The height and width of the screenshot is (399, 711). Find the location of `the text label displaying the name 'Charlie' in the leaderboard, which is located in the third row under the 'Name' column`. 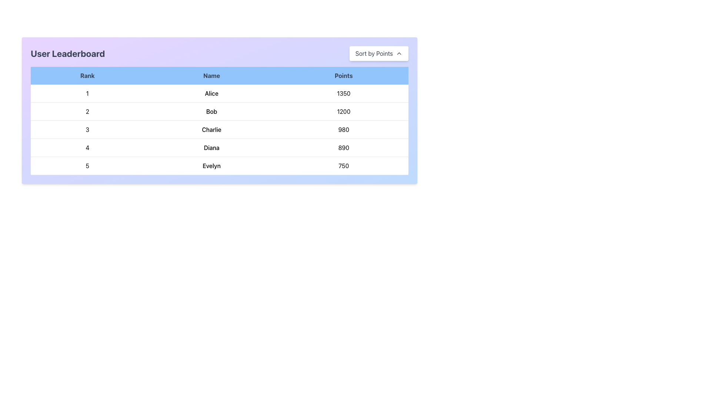

the text label displaying the name 'Charlie' in the leaderboard, which is located in the third row under the 'Name' column is located at coordinates (211, 129).